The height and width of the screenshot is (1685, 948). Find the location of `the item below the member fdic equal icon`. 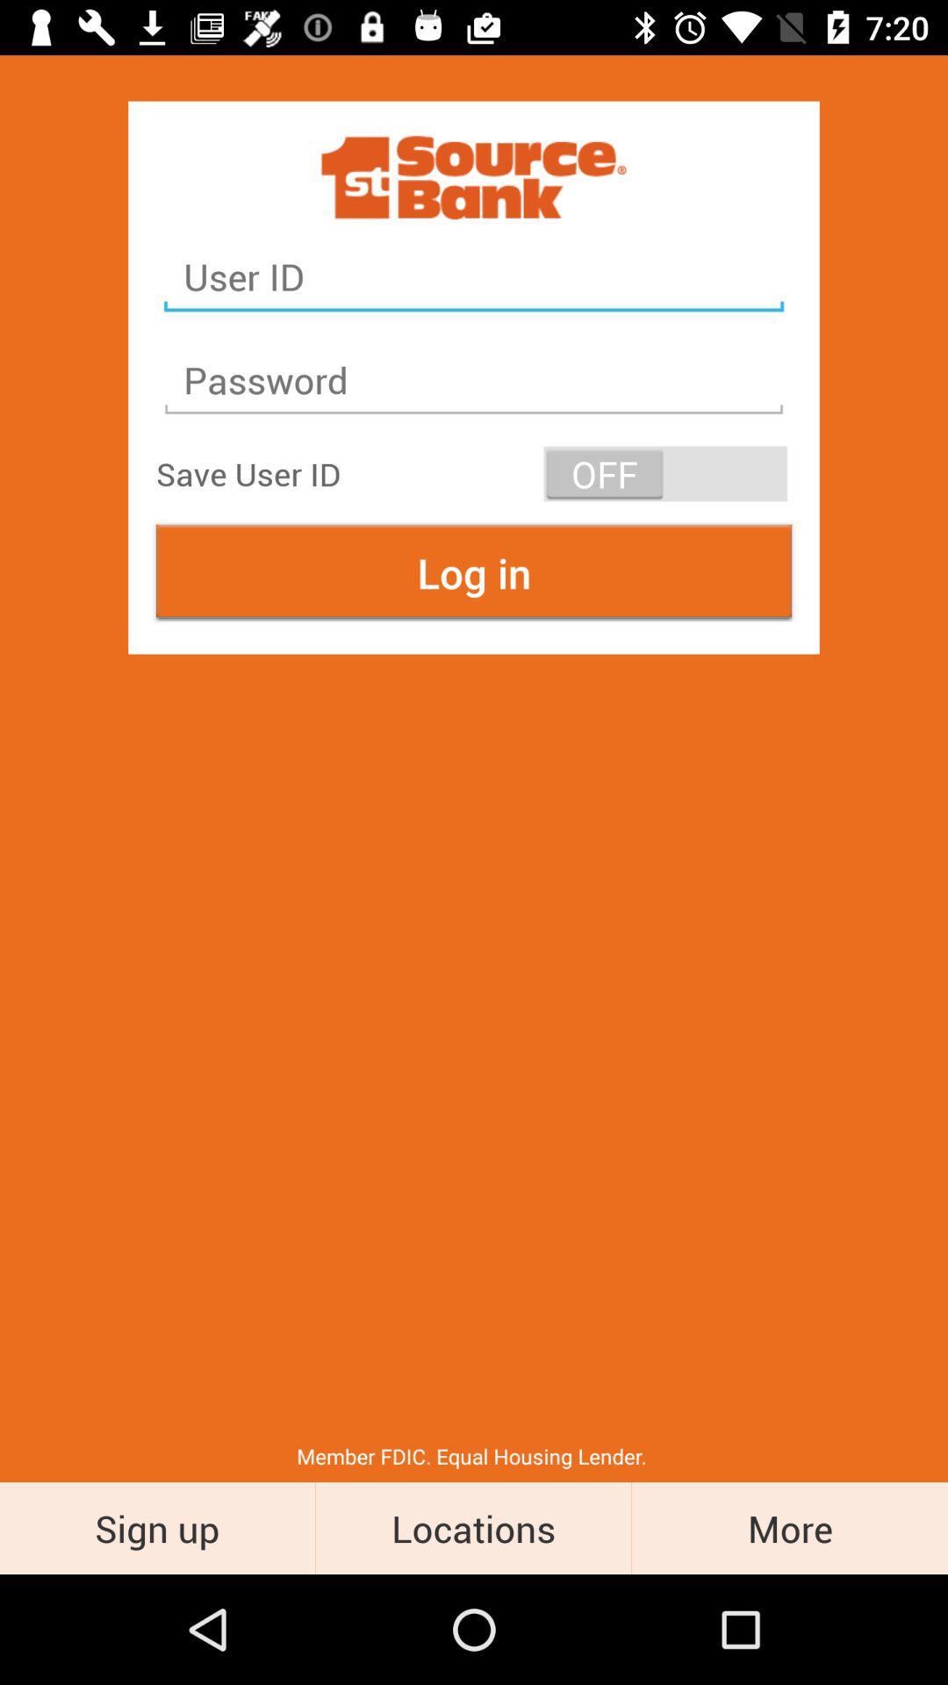

the item below the member fdic equal icon is located at coordinates (156, 1527).